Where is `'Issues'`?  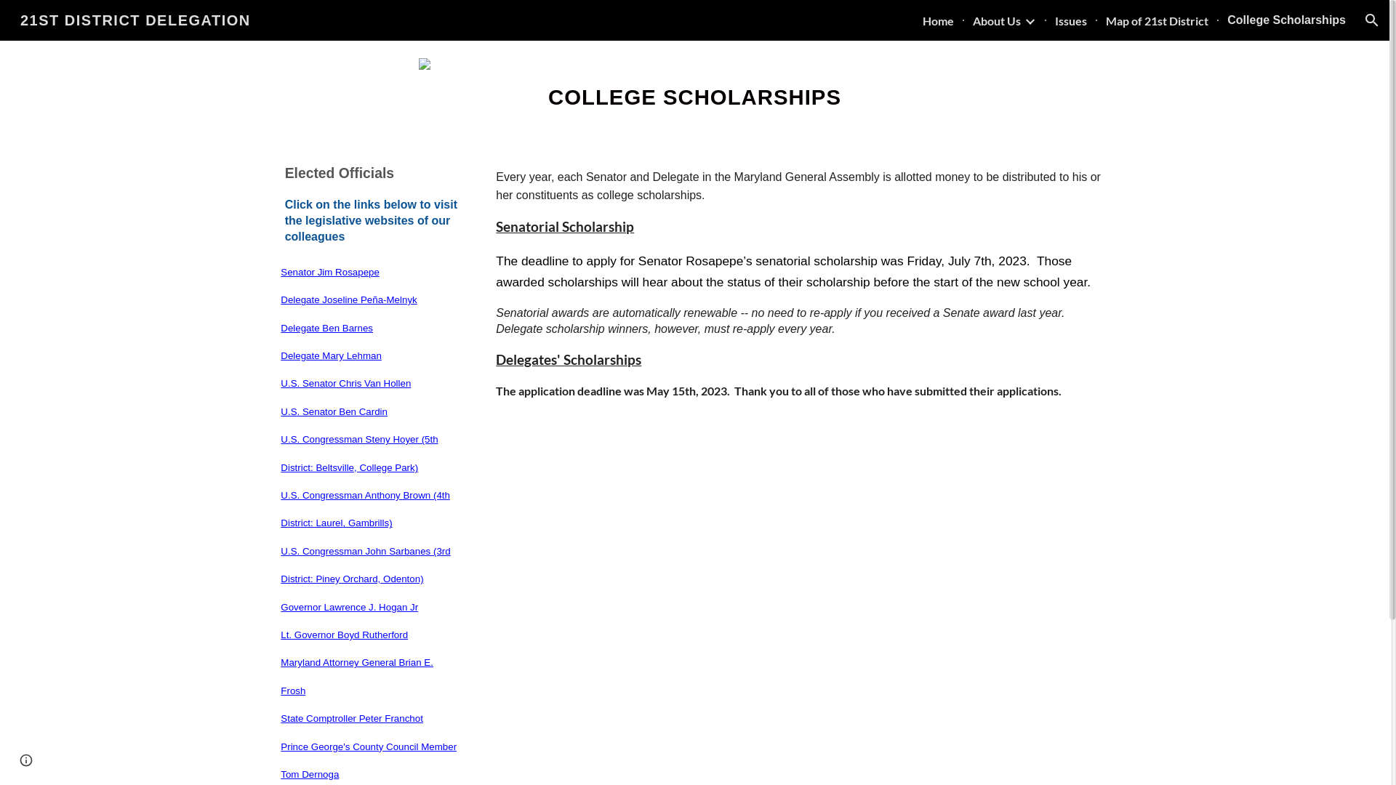 'Issues' is located at coordinates (1071, 20).